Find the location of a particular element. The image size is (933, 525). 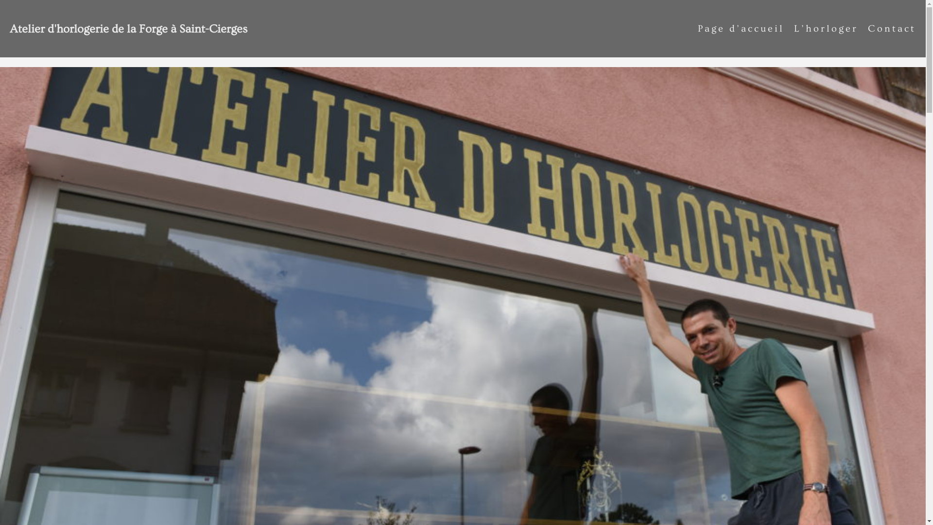

'Contact' is located at coordinates (892, 28).